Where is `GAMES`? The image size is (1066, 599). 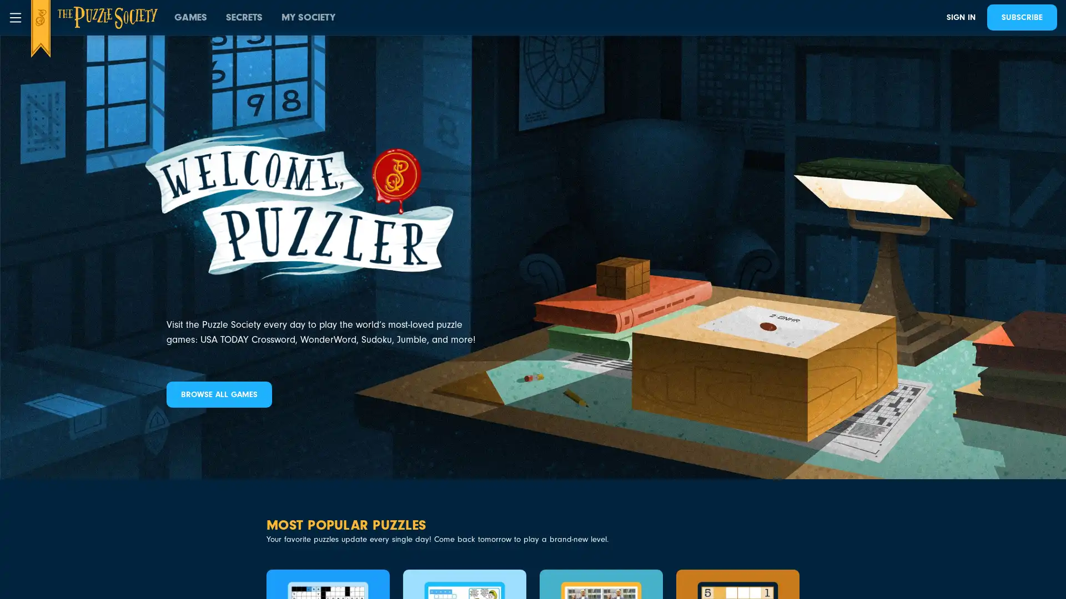
GAMES is located at coordinates (190, 17).